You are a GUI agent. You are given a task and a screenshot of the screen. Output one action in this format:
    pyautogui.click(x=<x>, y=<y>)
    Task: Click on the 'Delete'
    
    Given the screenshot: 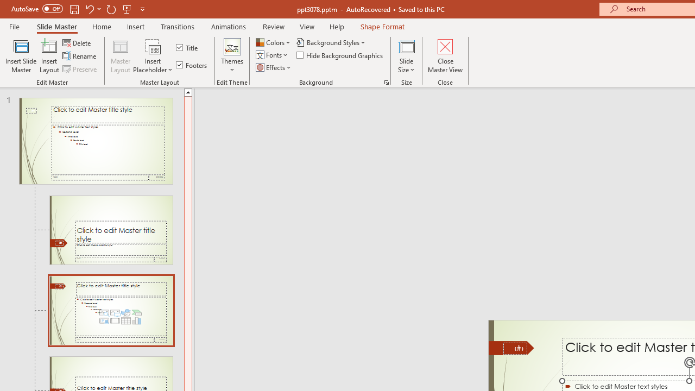 What is the action you would take?
    pyautogui.click(x=77, y=42)
    